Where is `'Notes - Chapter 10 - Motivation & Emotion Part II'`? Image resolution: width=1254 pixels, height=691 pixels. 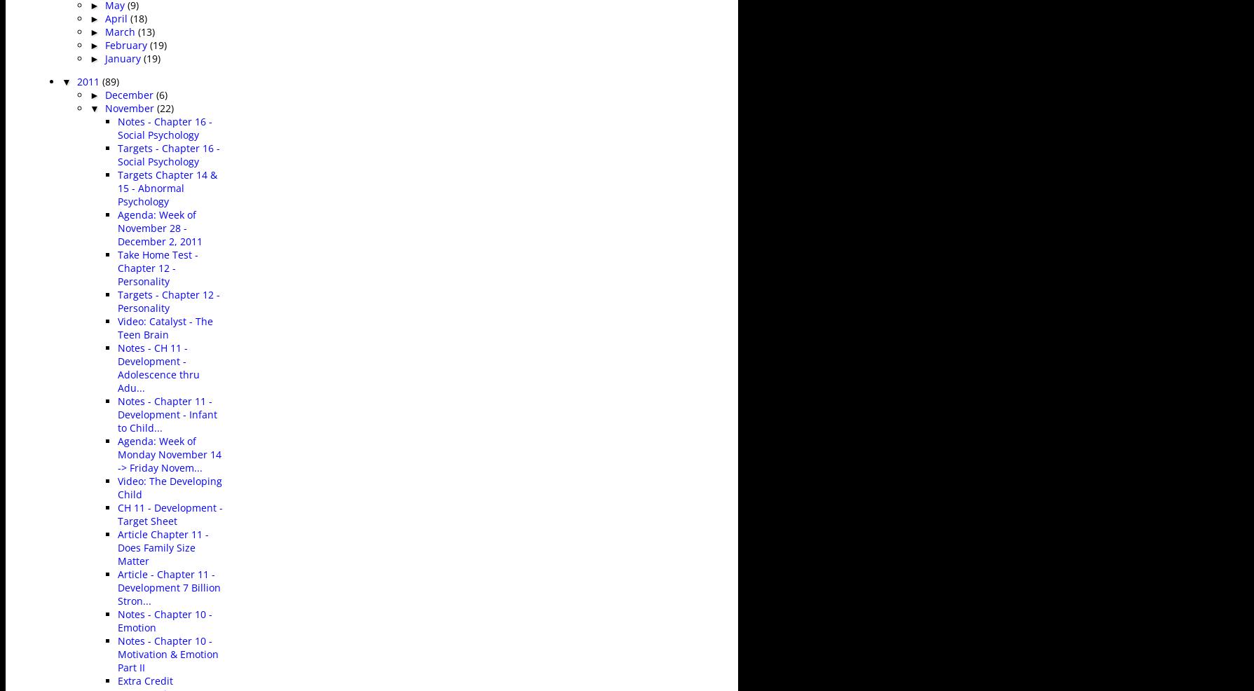 'Notes - Chapter 10 - Motivation & Emotion Part II' is located at coordinates (168, 653).